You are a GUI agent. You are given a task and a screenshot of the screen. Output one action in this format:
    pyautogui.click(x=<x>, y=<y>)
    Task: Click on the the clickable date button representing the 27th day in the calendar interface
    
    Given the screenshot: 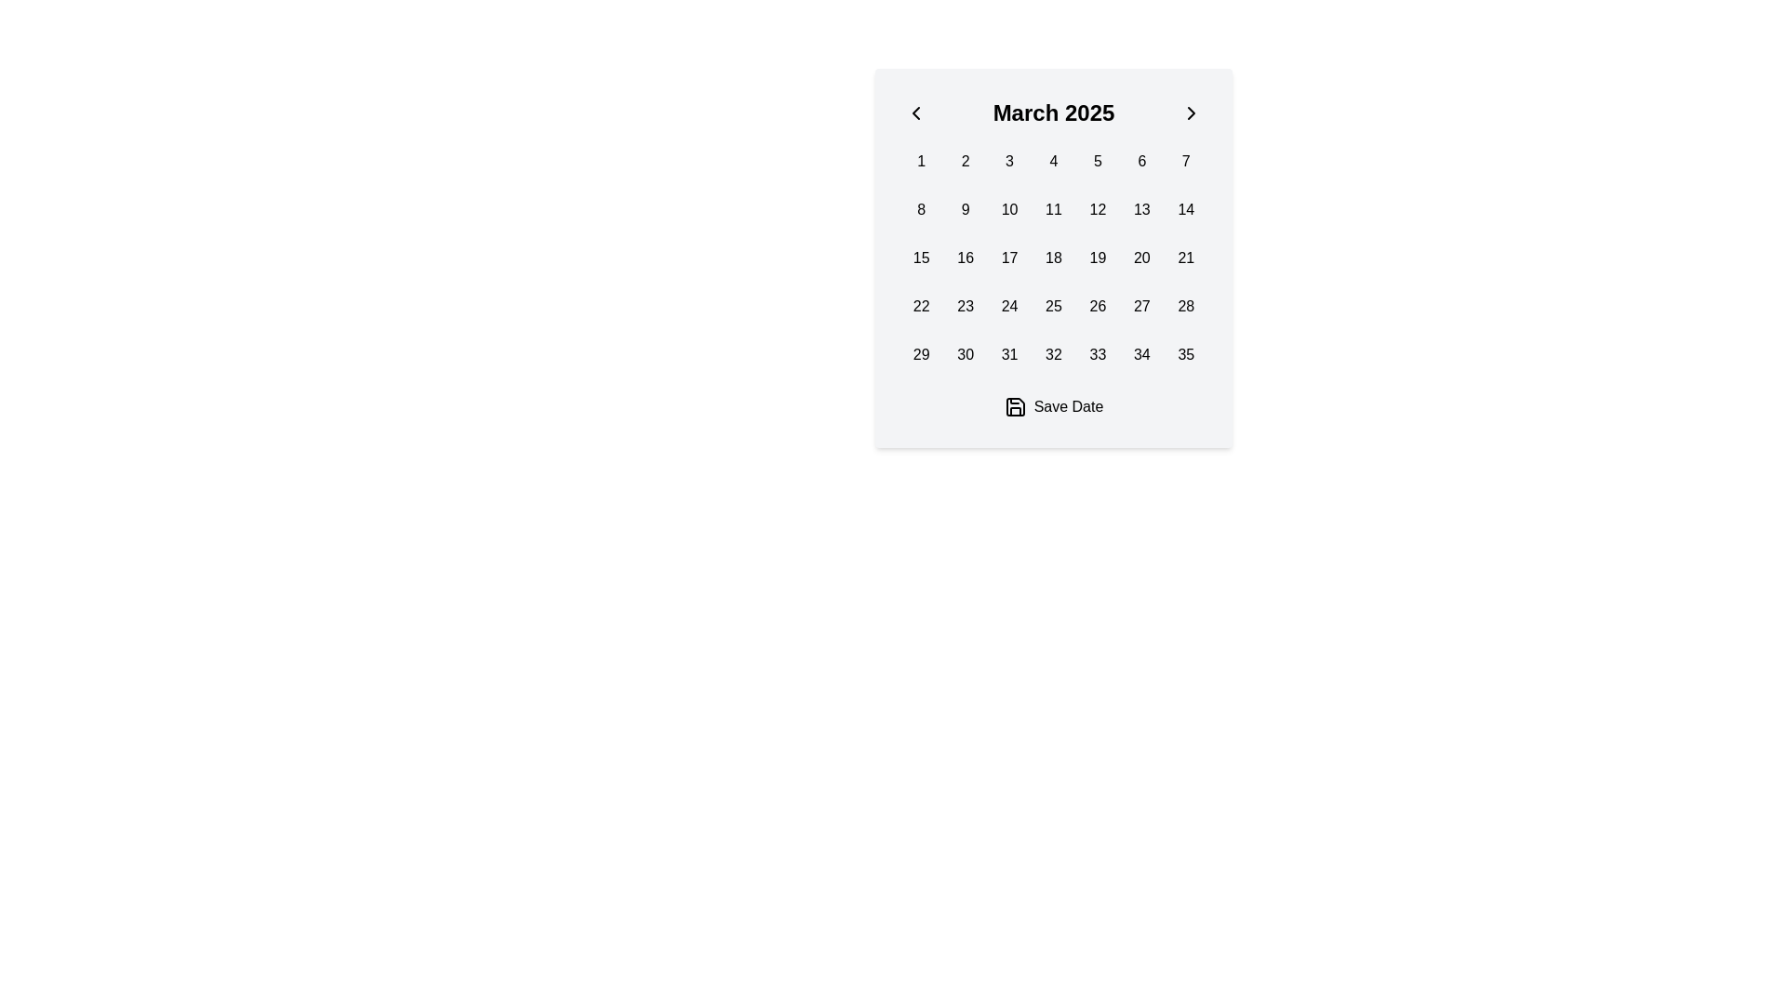 What is the action you would take?
    pyautogui.click(x=1140, y=306)
    